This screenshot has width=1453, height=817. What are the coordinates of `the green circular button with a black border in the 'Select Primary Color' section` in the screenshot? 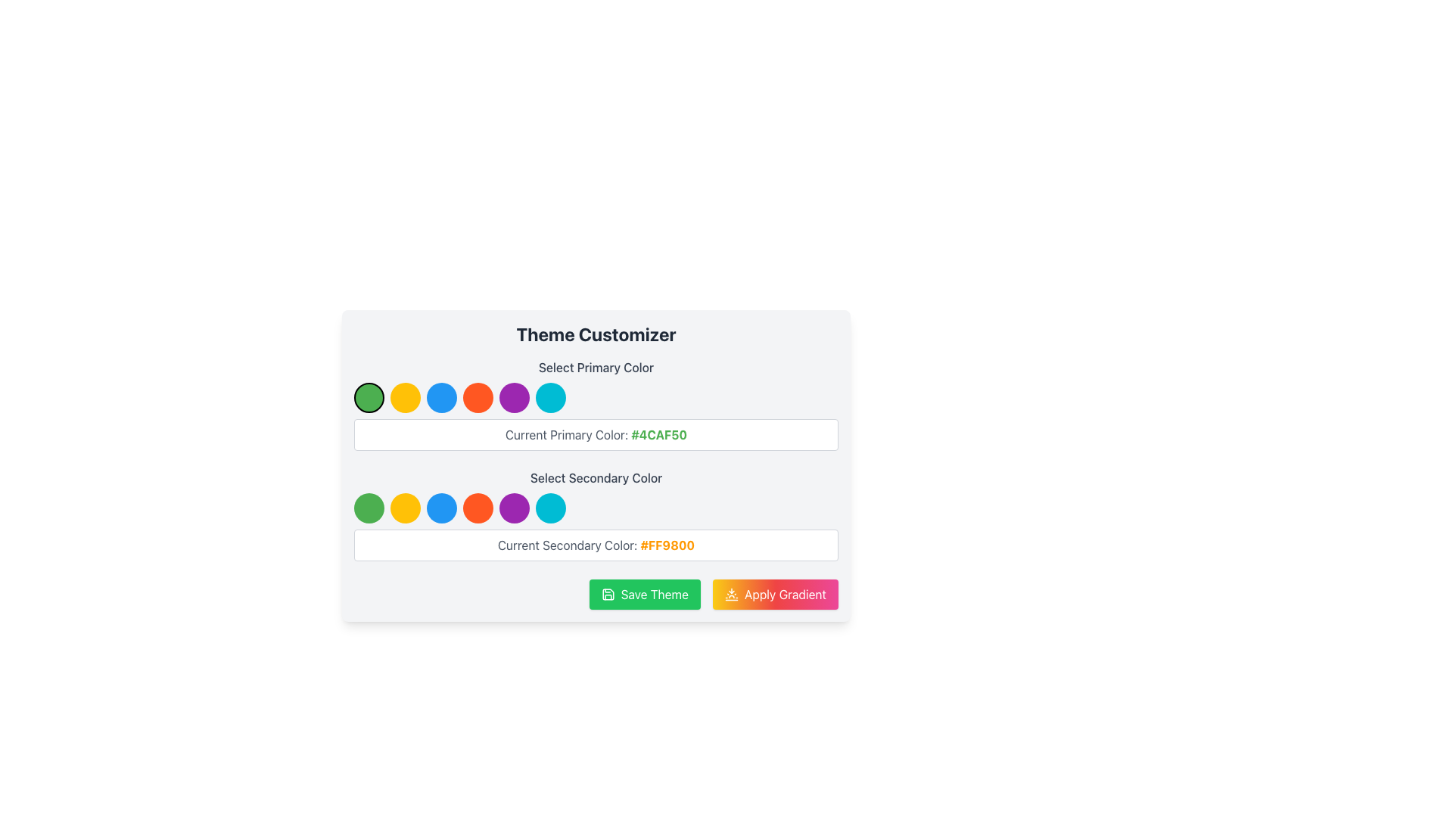 It's located at (369, 396).